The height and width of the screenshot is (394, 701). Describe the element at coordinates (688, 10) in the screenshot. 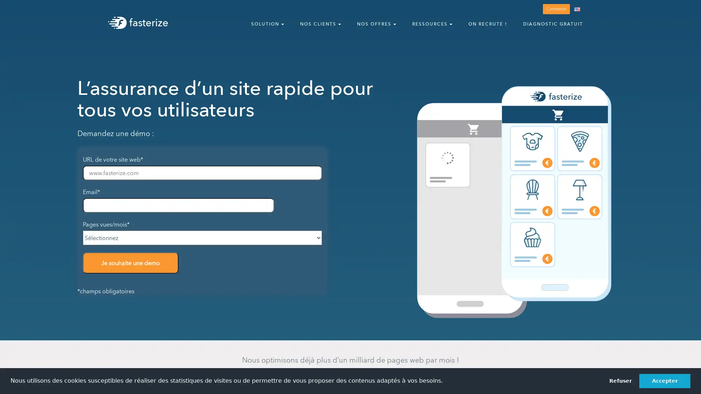

I see `Fermer` at that location.